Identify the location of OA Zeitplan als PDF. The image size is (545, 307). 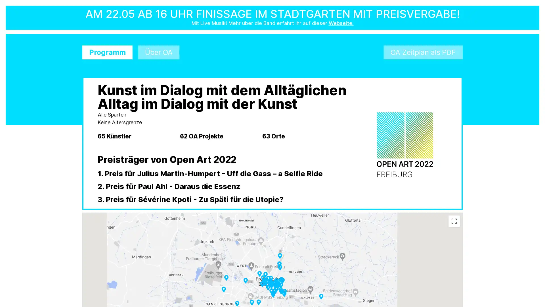
(423, 52).